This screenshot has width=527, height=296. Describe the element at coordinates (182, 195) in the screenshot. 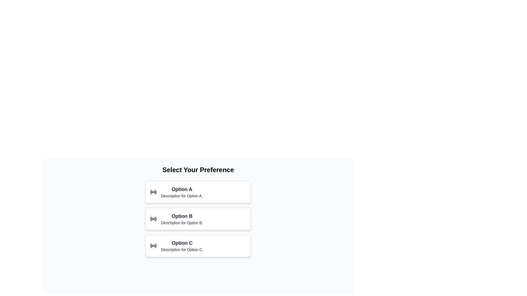

I see `the descriptive text element located below the title 'Option A' in the multiple-choice selection interface` at that location.